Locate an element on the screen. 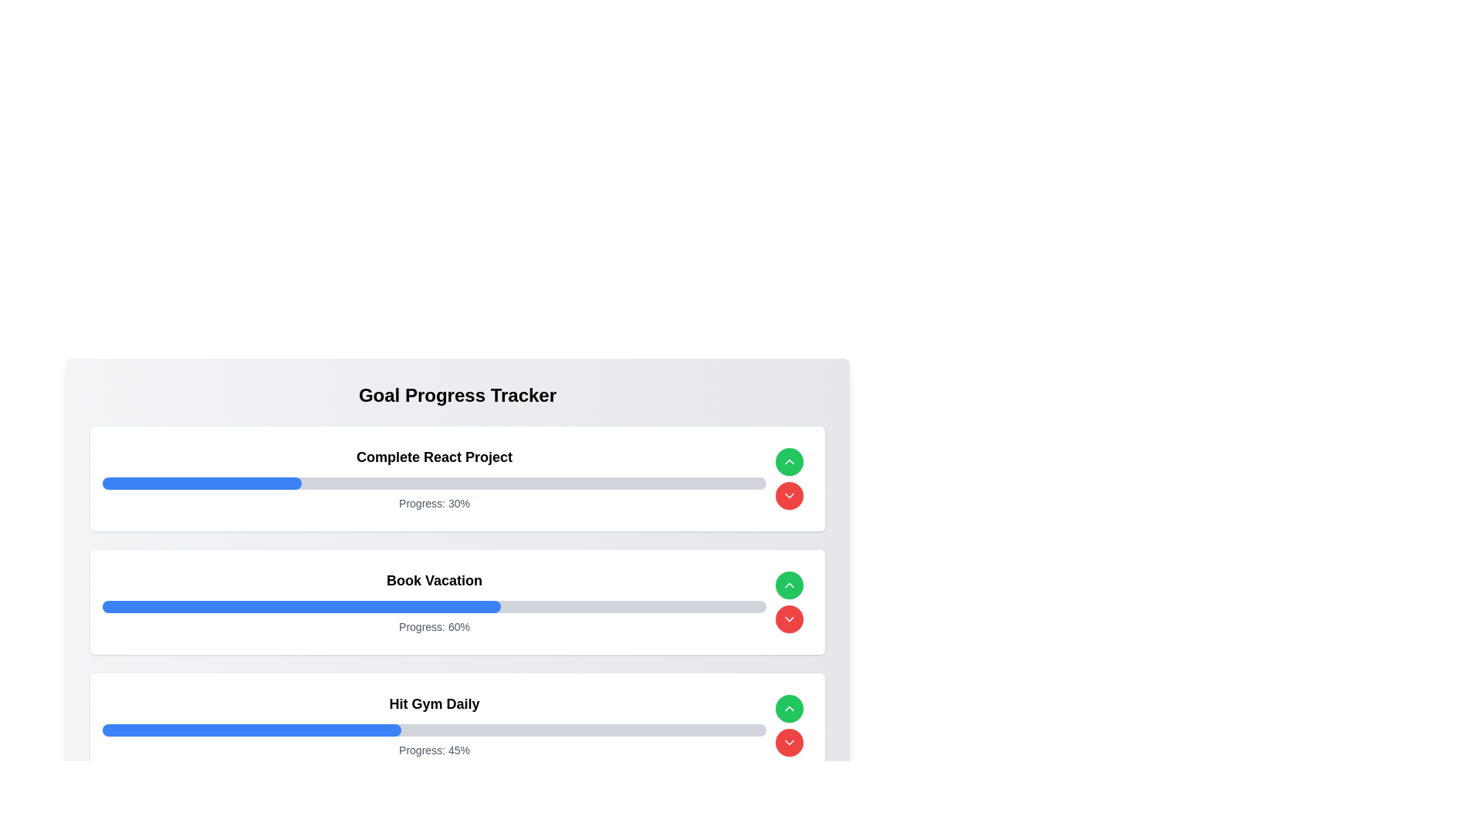 This screenshot has height=833, width=1482. the circular button with a red background and a white downward chevron icon located beneath the green circular button in the 'Complete React Project' section is located at coordinates (789, 496).